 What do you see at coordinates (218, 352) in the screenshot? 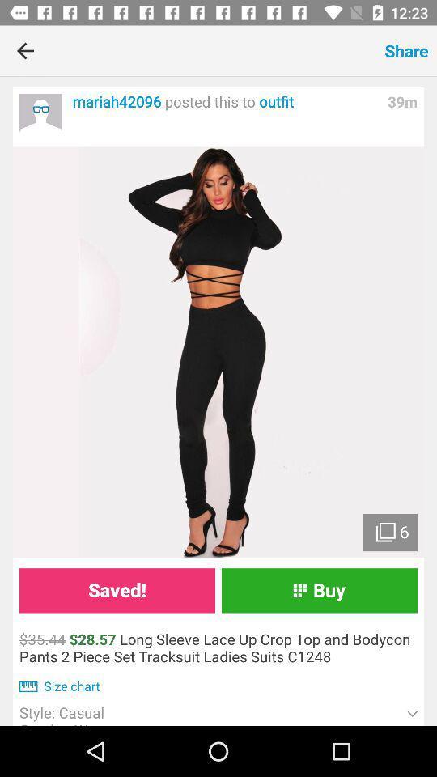
I see `item above saved! item` at bounding box center [218, 352].